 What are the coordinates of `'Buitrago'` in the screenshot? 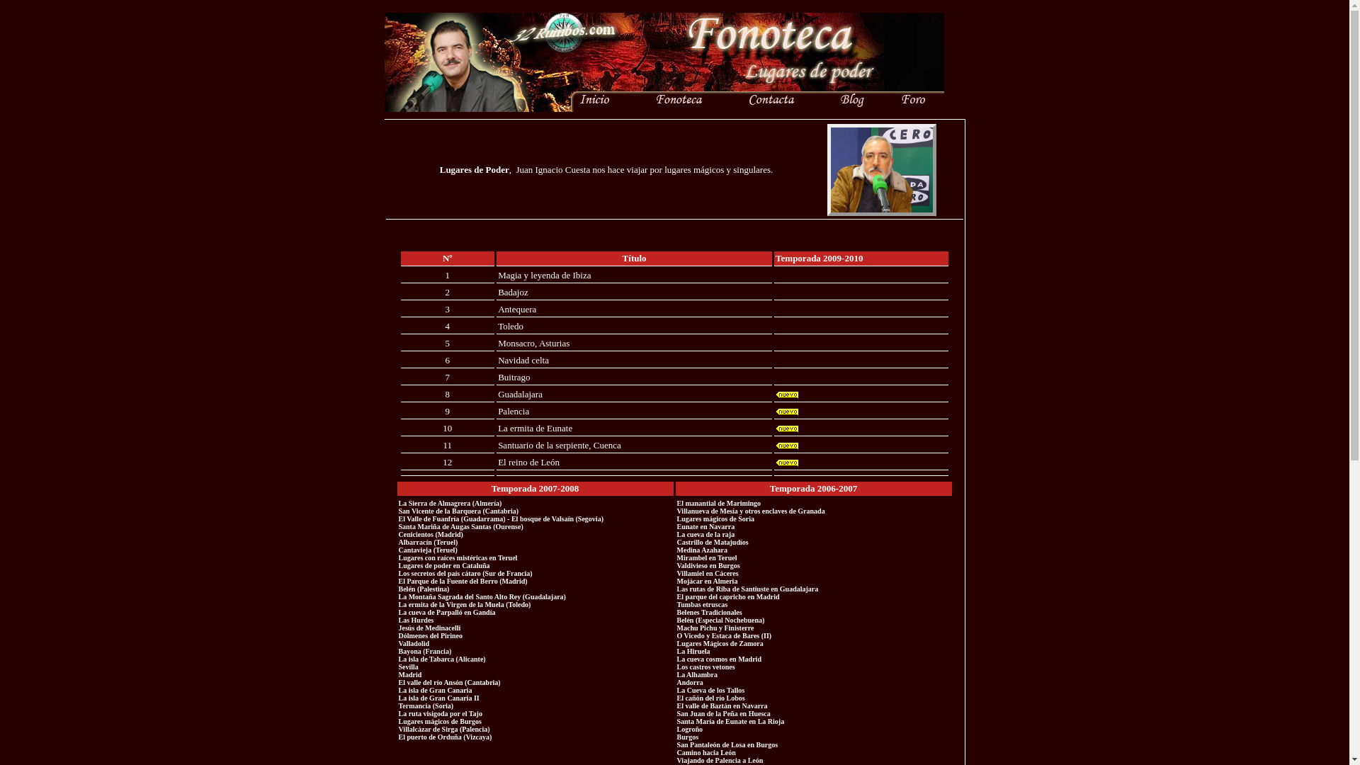 It's located at (513, 375).